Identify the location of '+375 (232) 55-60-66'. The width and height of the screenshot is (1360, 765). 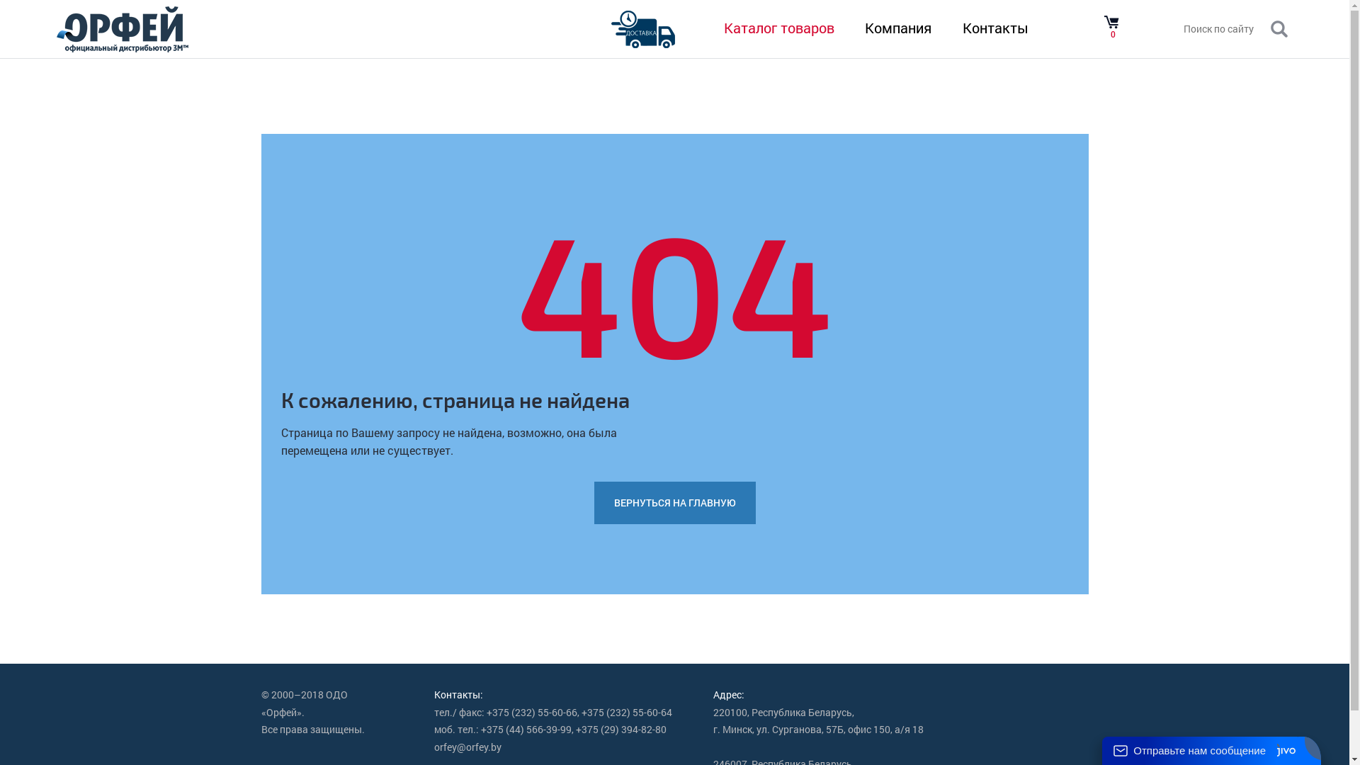
(531, 713).